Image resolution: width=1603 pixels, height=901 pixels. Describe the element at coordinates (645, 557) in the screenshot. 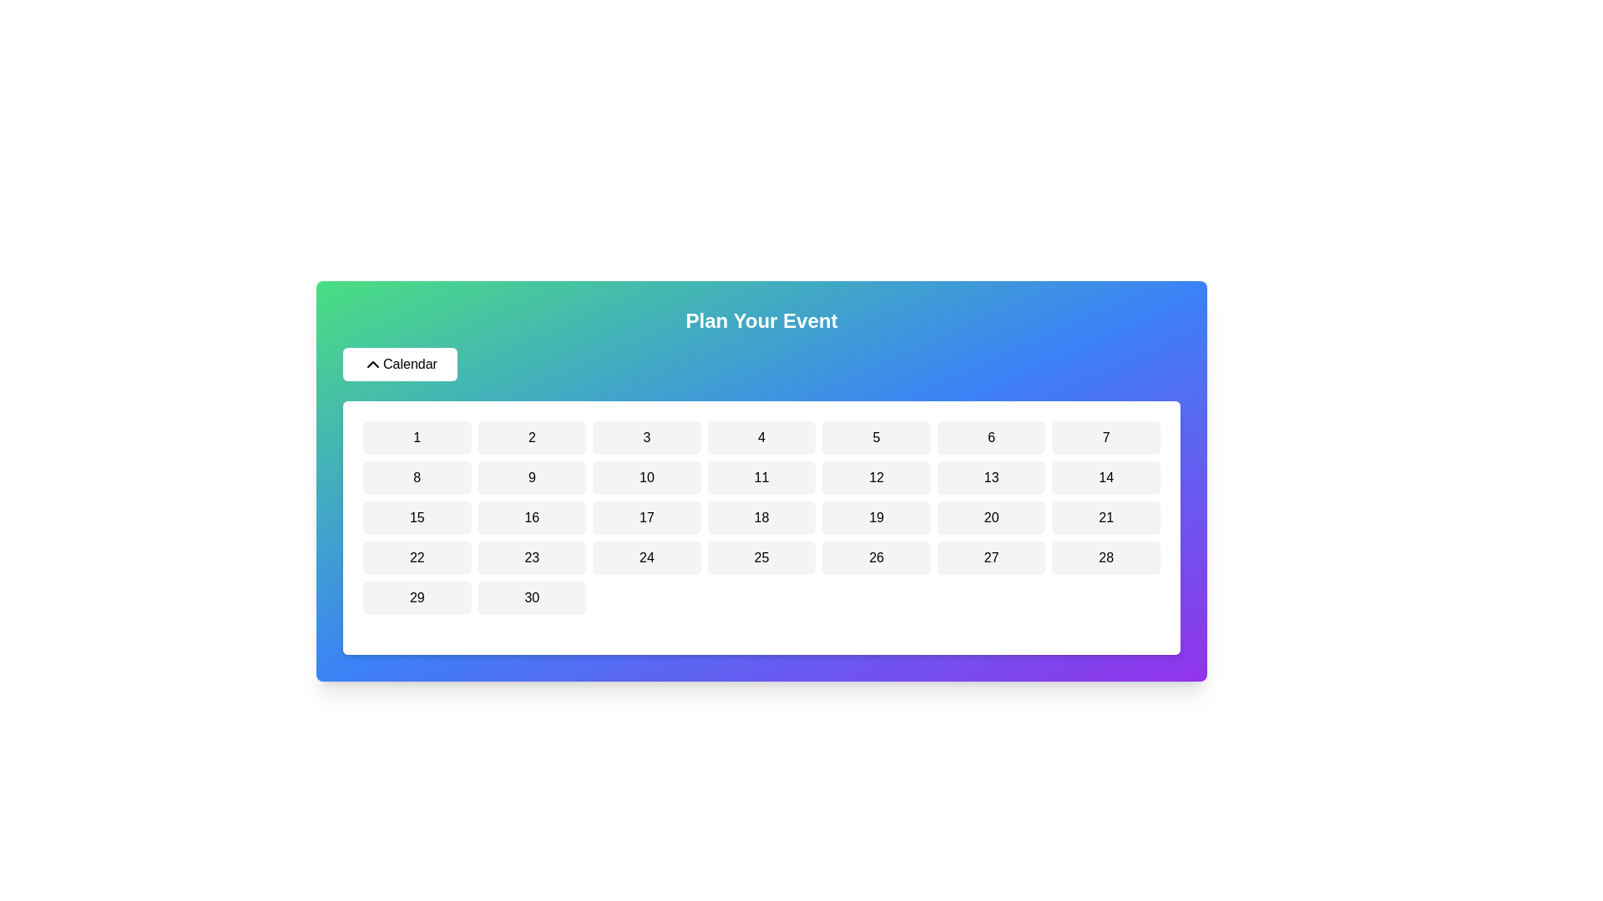

I see `the button labeled '24'` at that location.